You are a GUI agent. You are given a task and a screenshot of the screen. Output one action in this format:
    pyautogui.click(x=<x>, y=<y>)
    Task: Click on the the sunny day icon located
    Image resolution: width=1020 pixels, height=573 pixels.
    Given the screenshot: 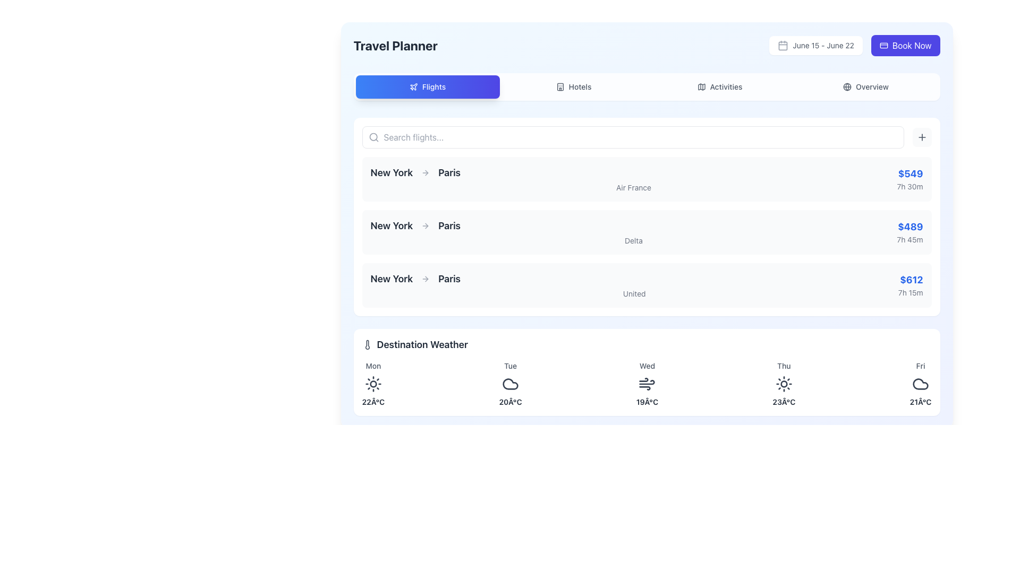 What is the action you would take?
    pyautogui.click(x=373, y=384)
    